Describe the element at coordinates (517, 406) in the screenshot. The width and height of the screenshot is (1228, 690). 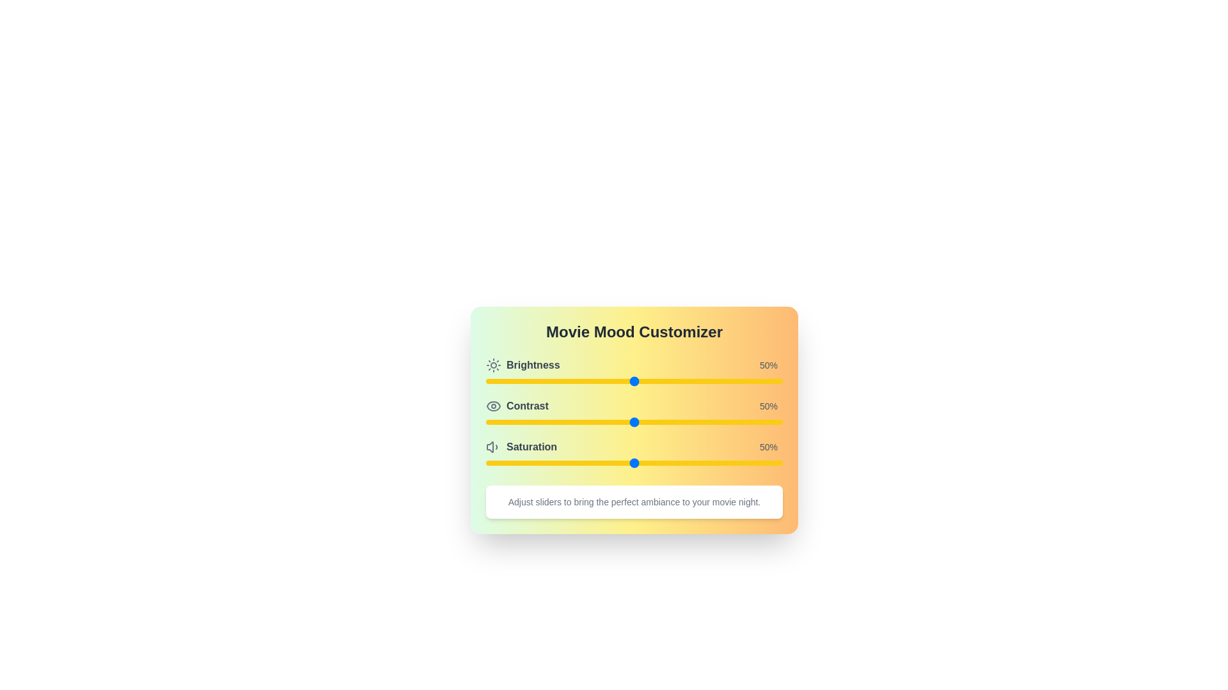
I see `the 'Contrast' label, which is styled in bold dark-gray font and features an eye icon` at that location.